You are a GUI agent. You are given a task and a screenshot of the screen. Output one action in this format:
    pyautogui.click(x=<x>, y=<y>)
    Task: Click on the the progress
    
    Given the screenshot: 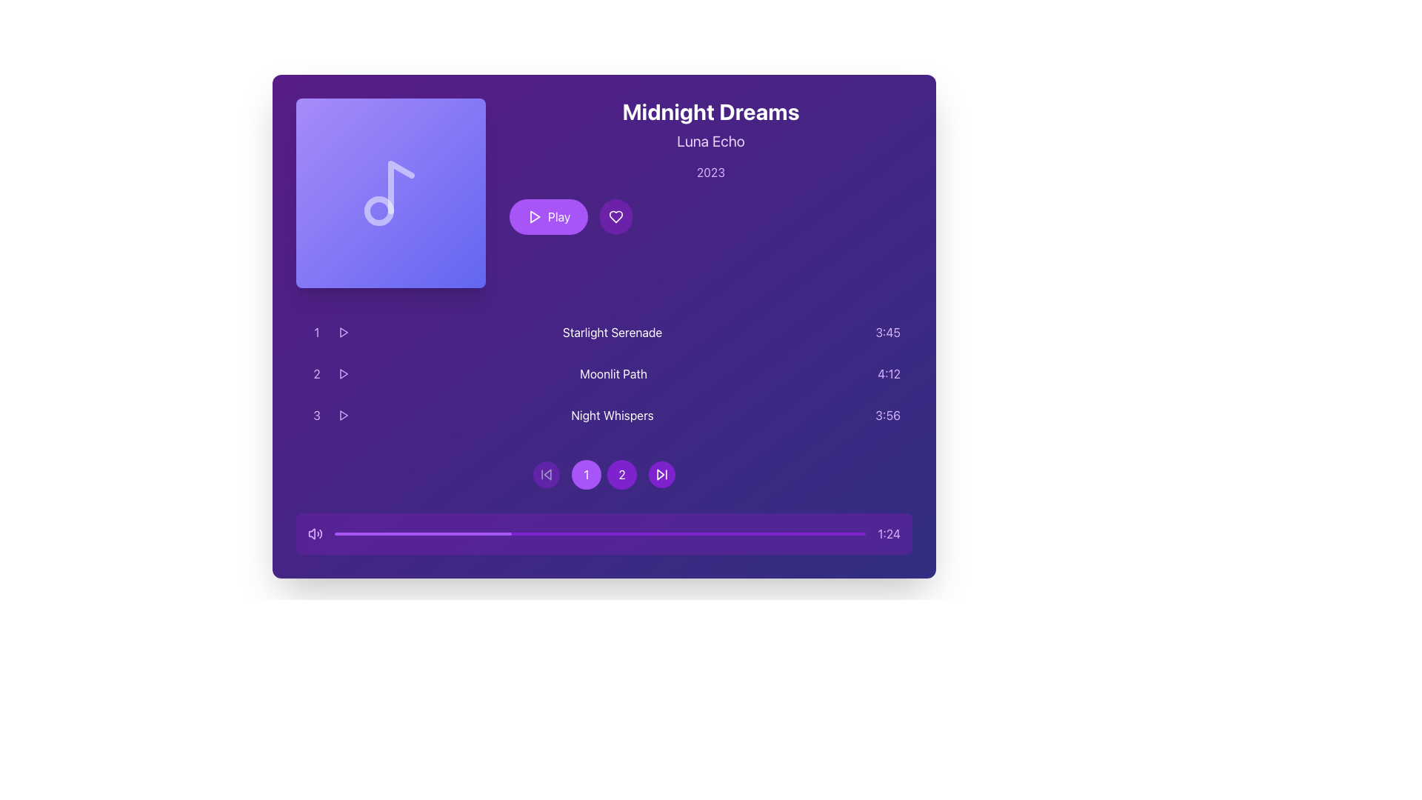 What is the action you would take?
    pyautogui.click(x=426, y=534)
    